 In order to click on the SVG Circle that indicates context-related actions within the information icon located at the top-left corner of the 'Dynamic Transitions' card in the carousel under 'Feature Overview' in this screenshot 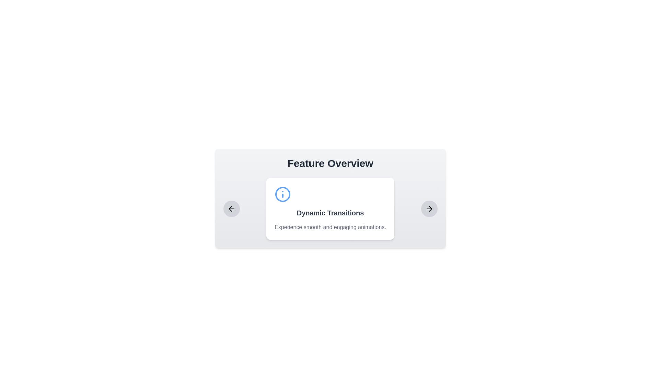, I will do `click(283, 194)`.